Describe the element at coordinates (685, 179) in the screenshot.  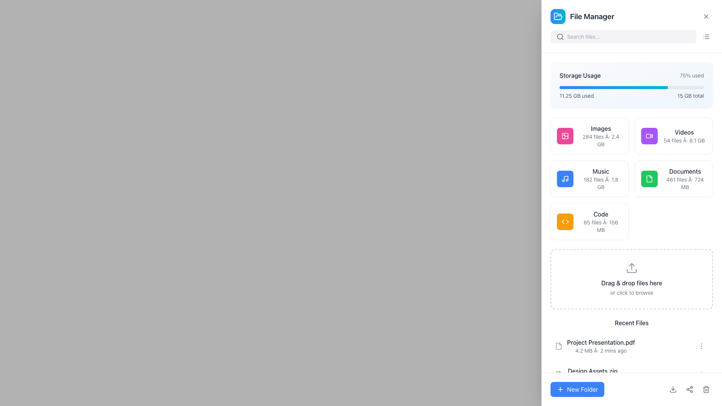
I see `the Text Label that identifies the 'Documents' category in the storage system` at that location.